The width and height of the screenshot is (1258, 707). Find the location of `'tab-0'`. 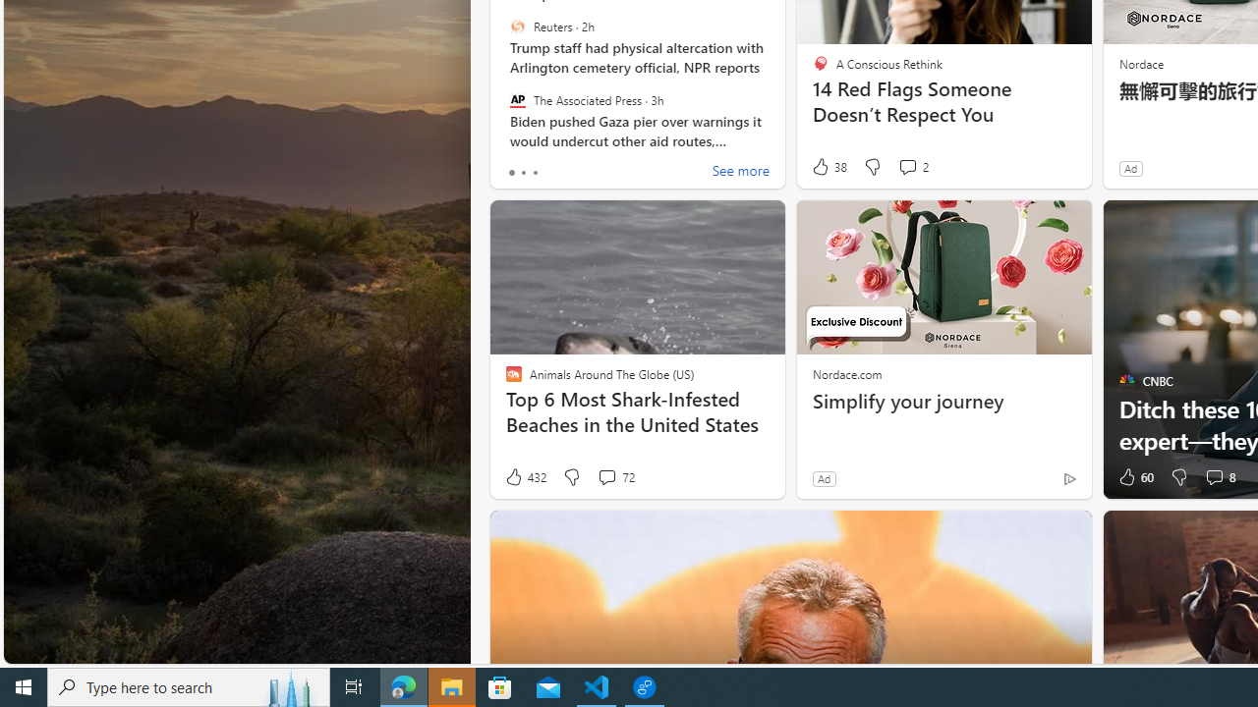

'tab-0' is located at coordinates (511, 172).